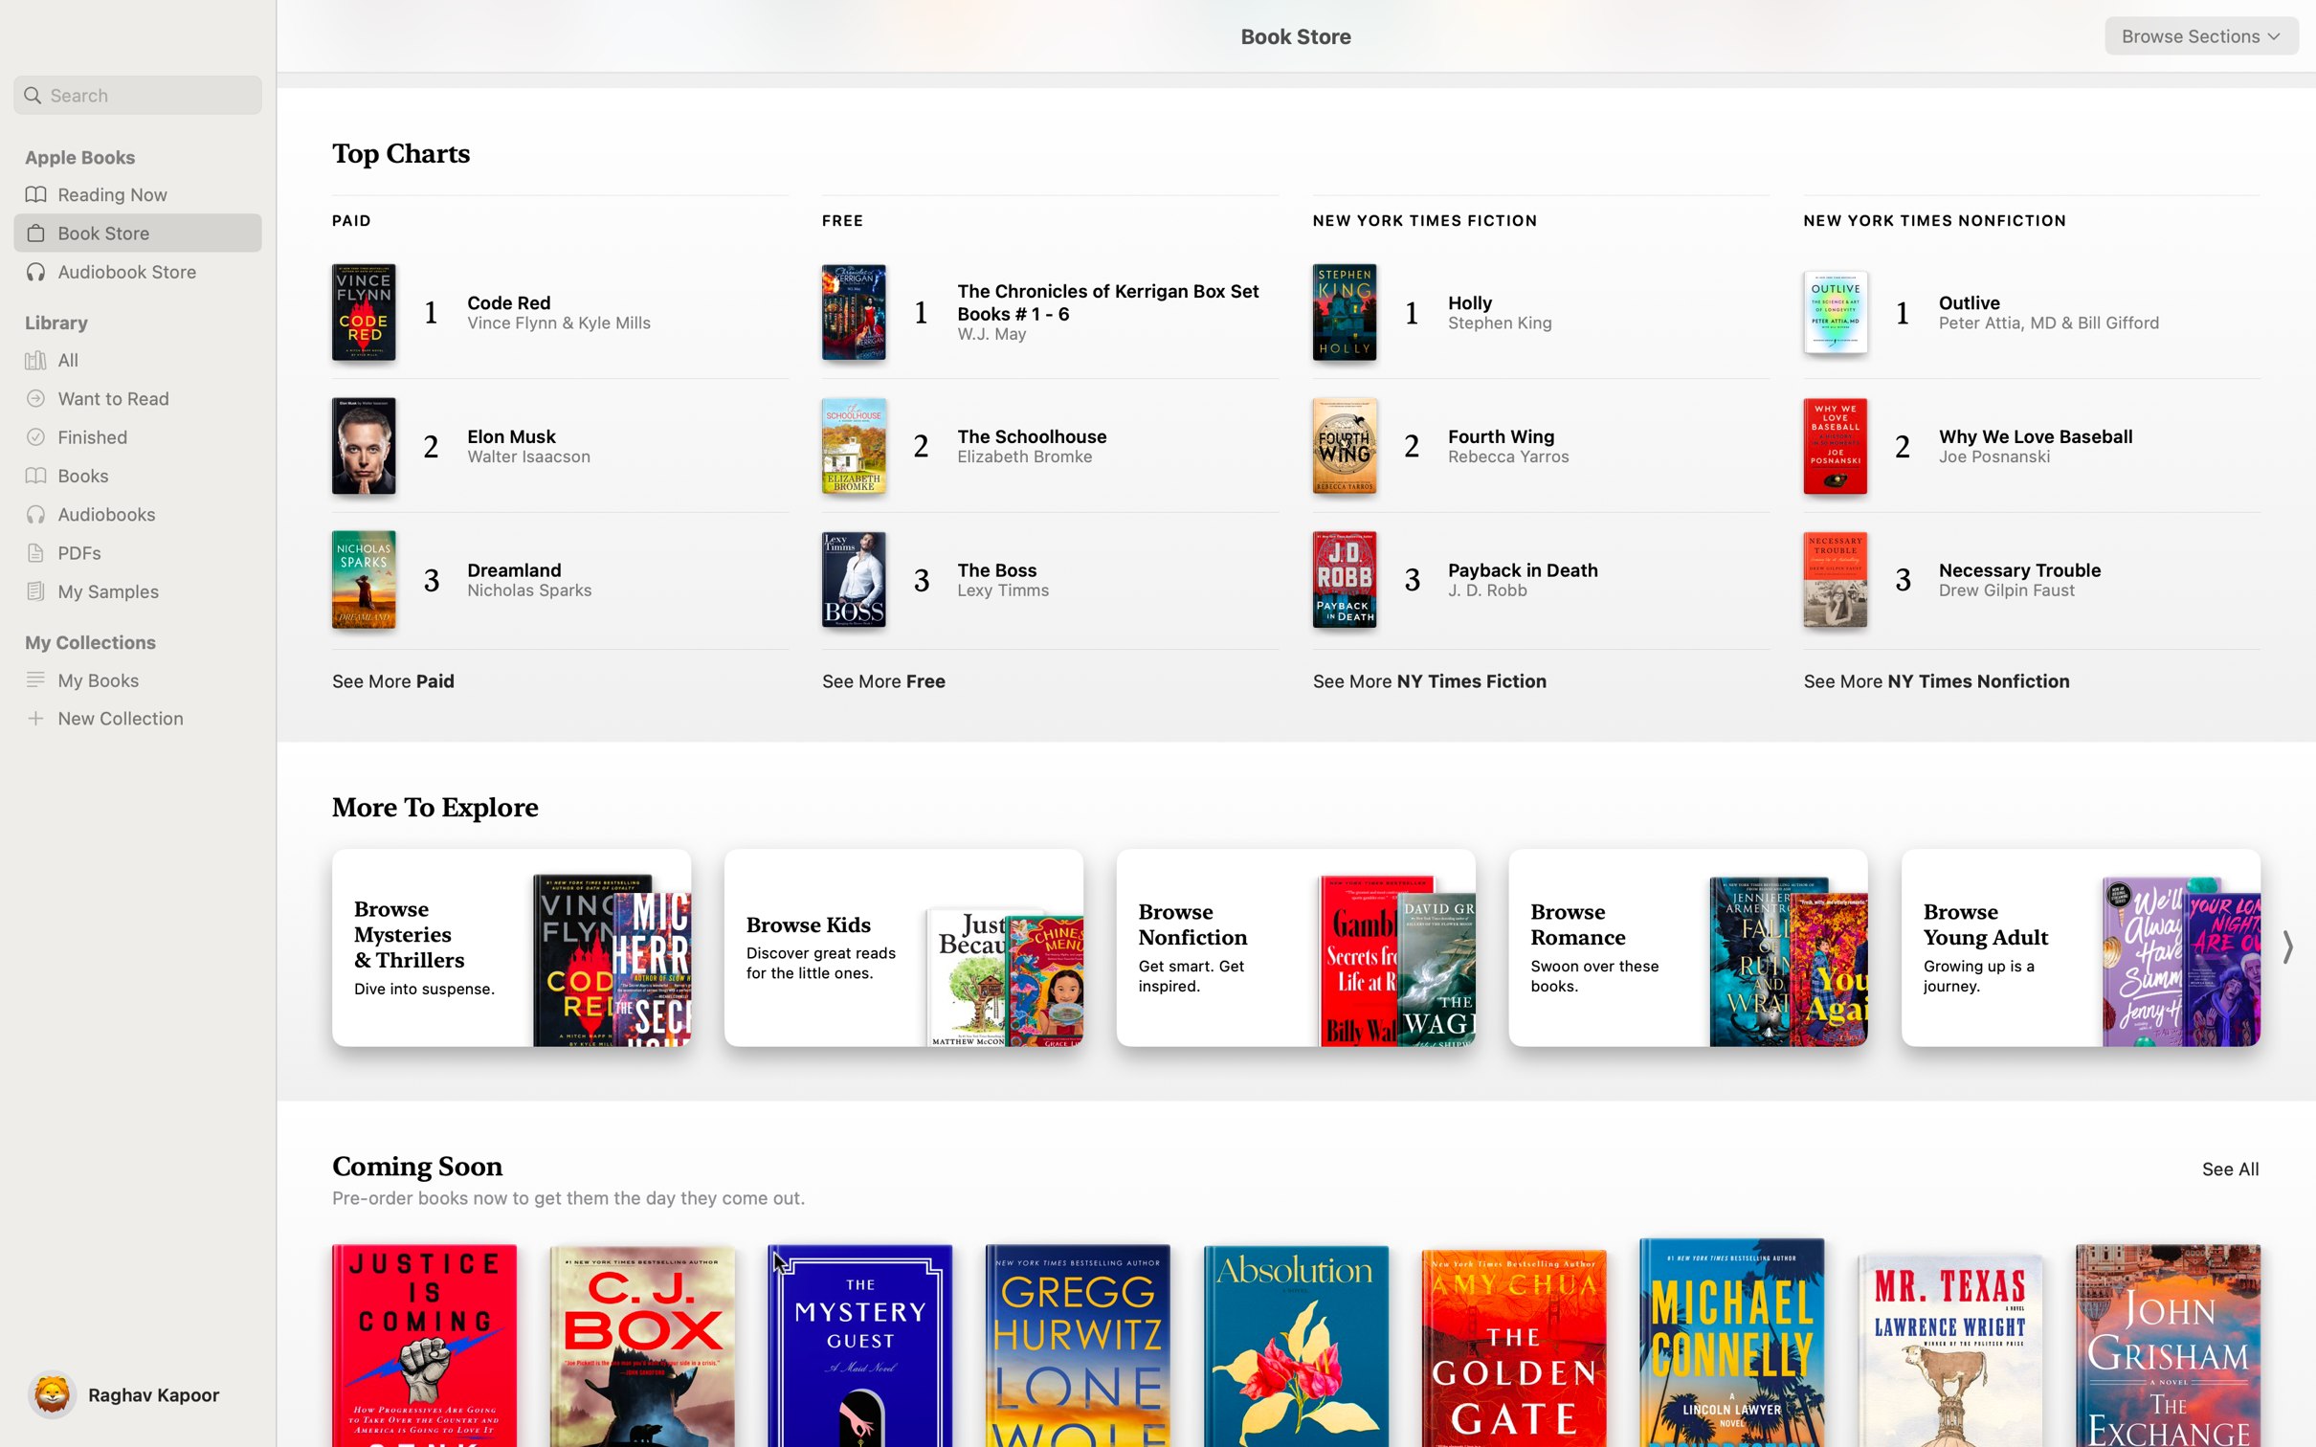  I want to click on Browse Romance books from top right dropdown, so click(2201, 35).